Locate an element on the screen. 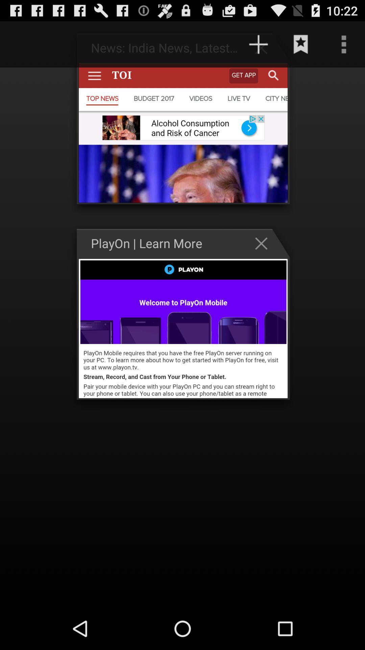 This screenshot has height=650, width=365. the plus button at top of the page is located at coordinates (264, 47).